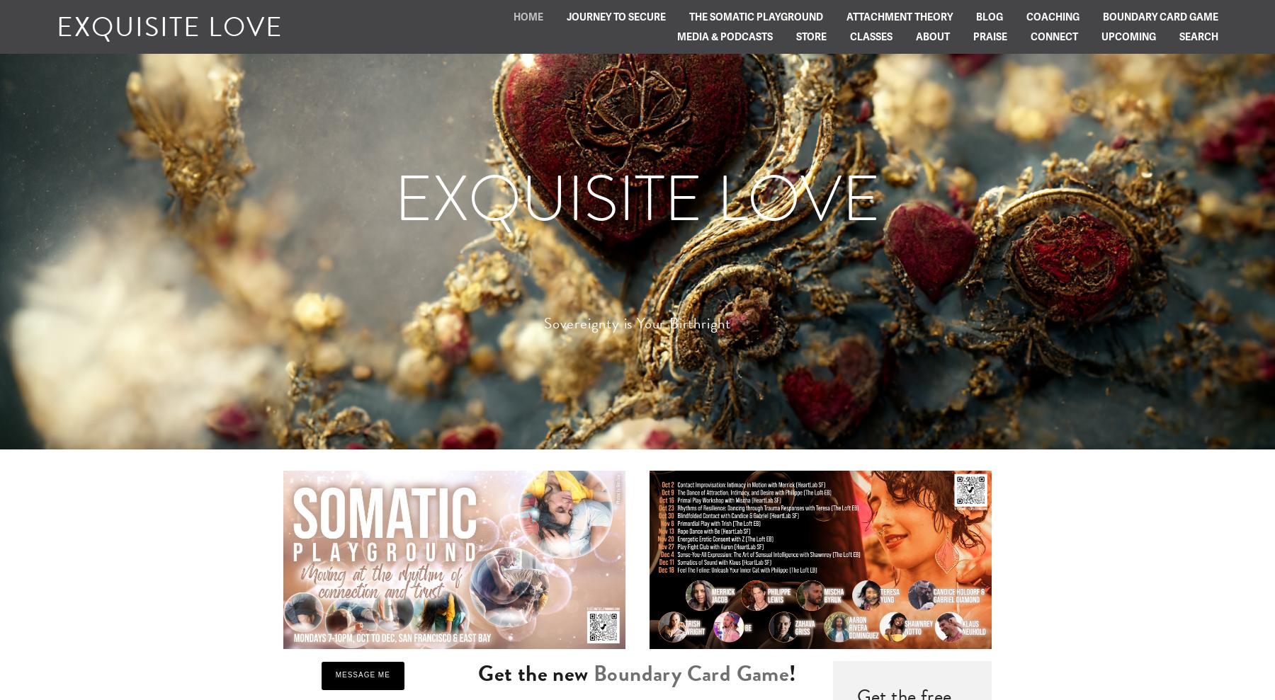  I want to click on 'Blog', so click(988, 16).